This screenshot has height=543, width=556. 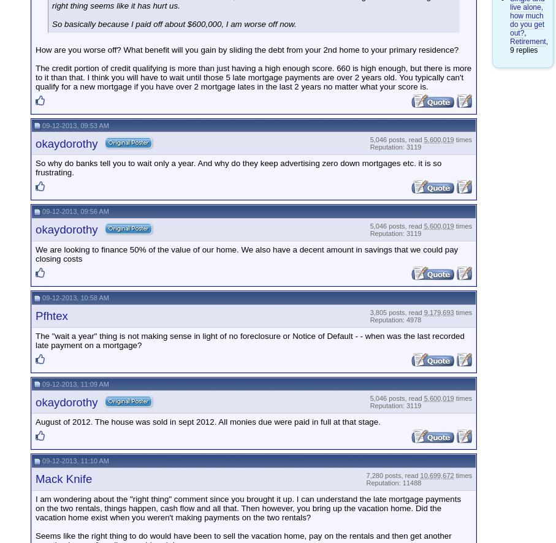 What do you see at coordinates (238, 168) in the screenshot?
I see `'So why do banks tell you to wait only a year. And why do they keep advertising zero down mortgages etc. it is so frustrating.'` at bounding box center [238, 168].